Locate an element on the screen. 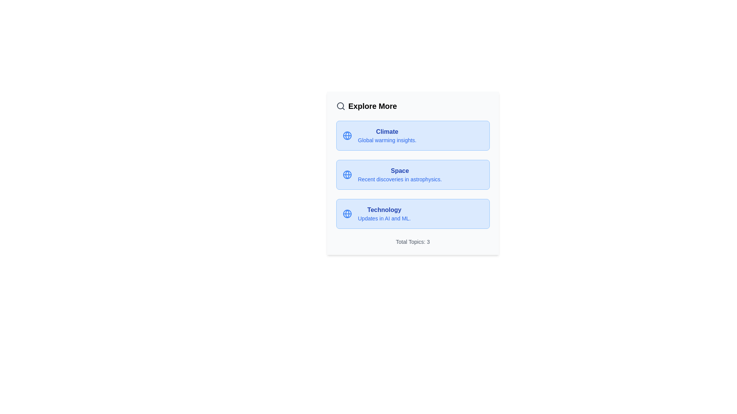  the info chip for the topic Climate is located at coordinates (412, 135).